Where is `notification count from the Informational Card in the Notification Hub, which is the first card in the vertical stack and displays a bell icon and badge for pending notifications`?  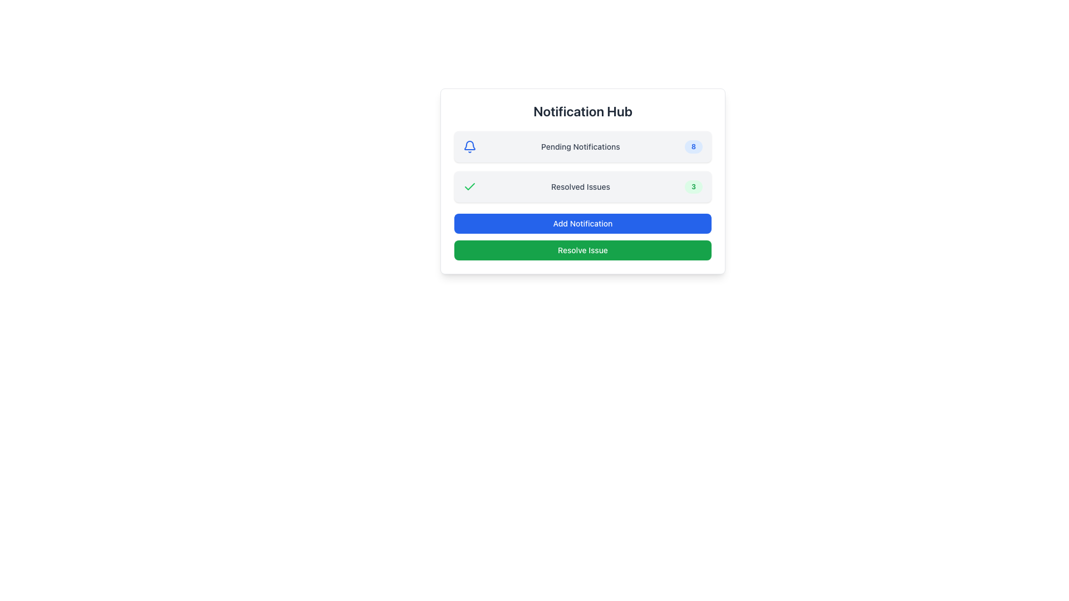
notification count from the Informational Card in the Notification Hub, which is the first card in the vertical stack and displays a bell icon and badge for pending notifications is located at coordinates (582, 146).